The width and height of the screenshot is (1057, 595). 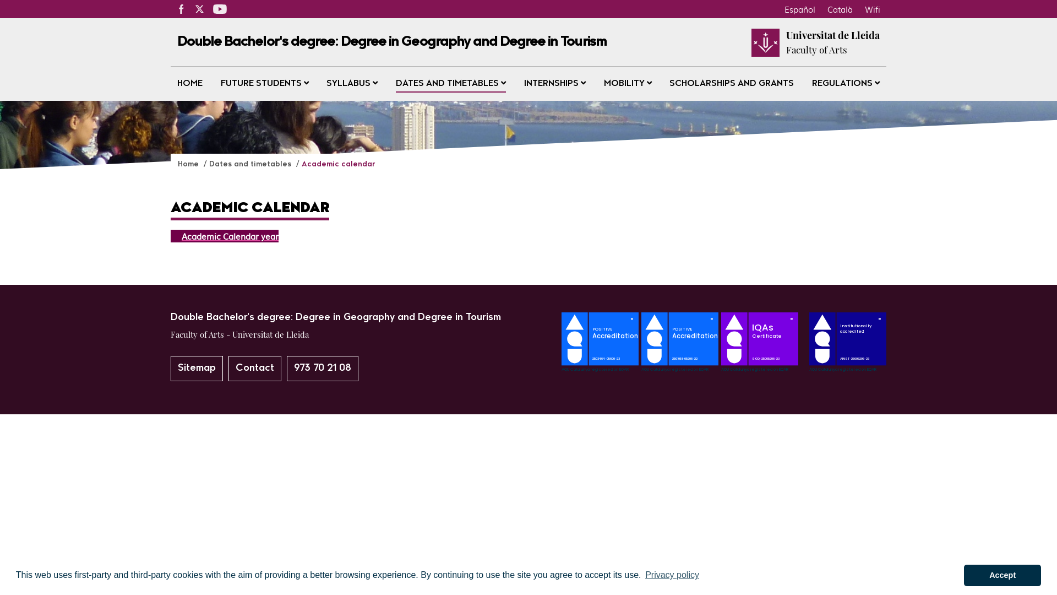 I want to click on 'SYLLABUS', so click(x=351, y=83).